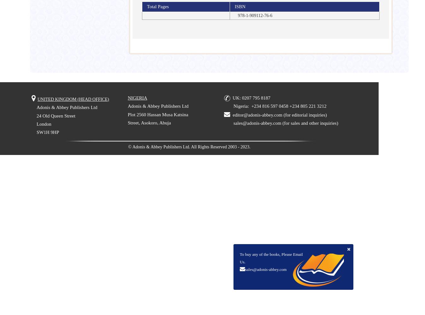 Image resolution: width=425 pixels, height=315 pixels. What do you see at coordinates (189, 146) in the screenshot?
I see `'© Adonis & Abbey Publishers Ltd. All Rights Reserved 2003 - 2023.'` at bounding box center [189, 146].